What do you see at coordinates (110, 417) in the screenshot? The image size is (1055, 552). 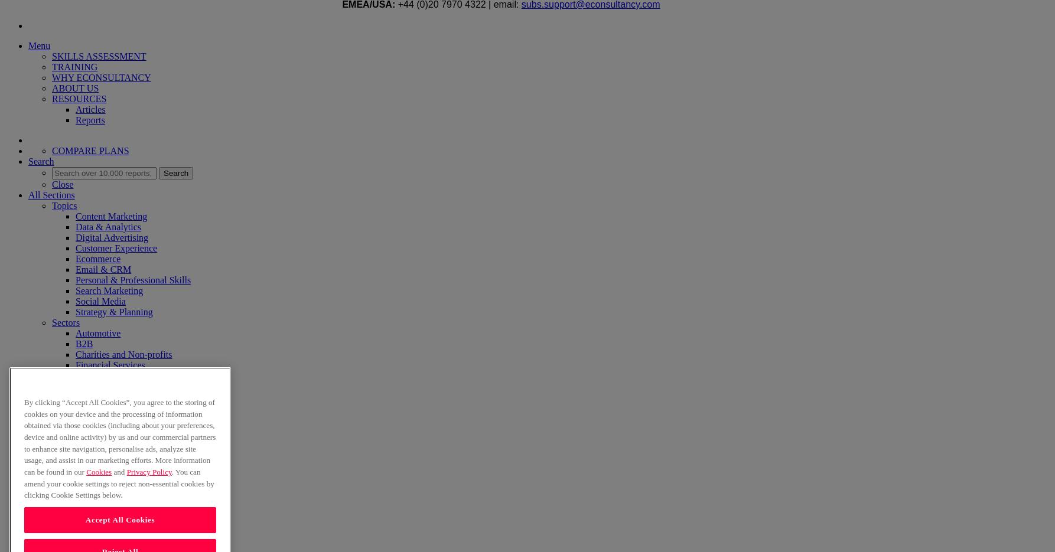 I see `'Travel and Leisure'` at bounding box center [110, 417].